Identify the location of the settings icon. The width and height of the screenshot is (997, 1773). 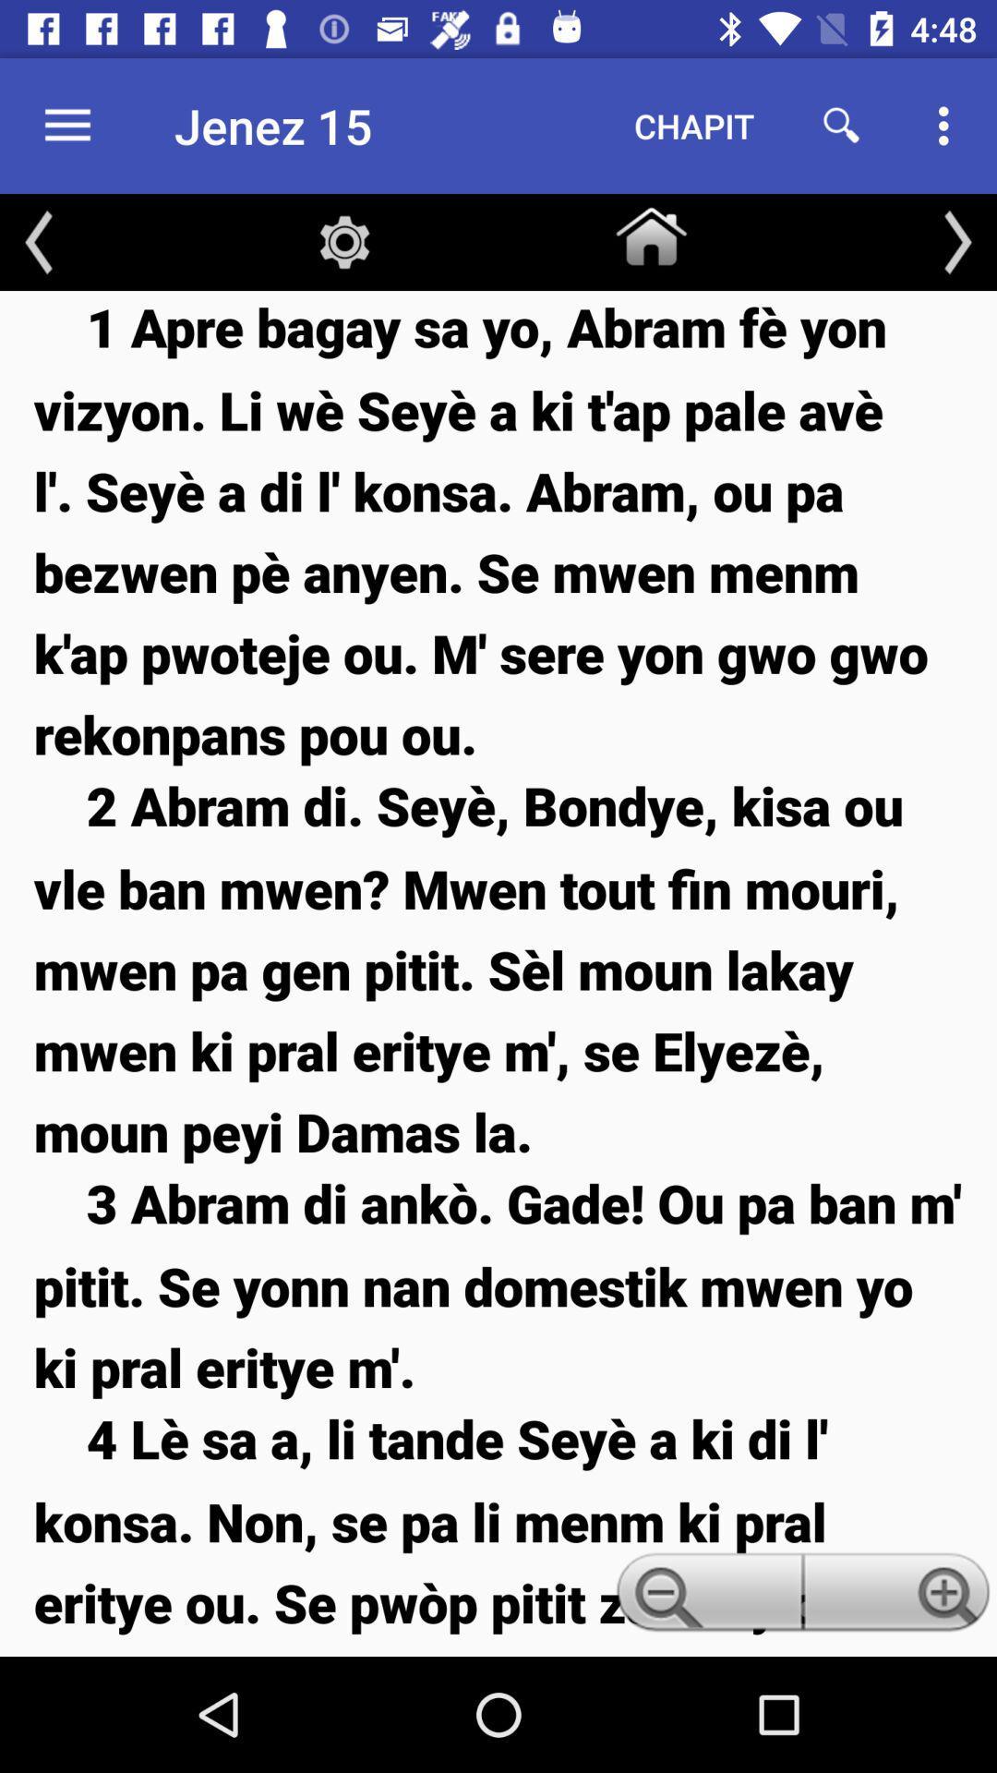
(344, 241).